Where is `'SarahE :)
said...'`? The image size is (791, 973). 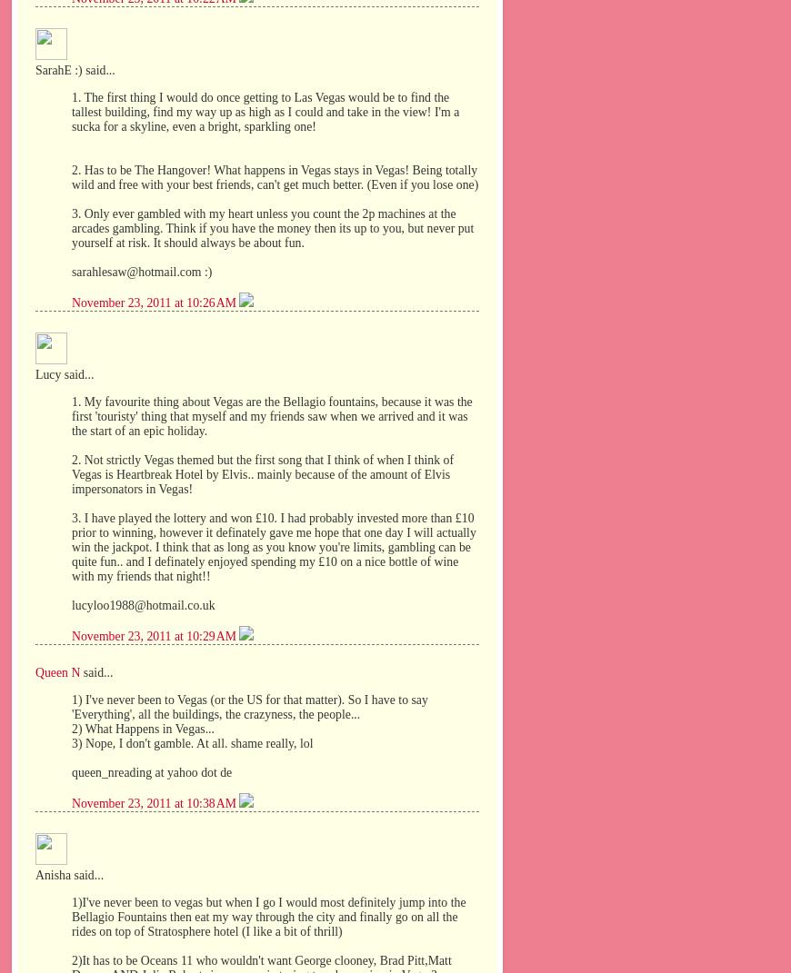
'SarahE :)
said...' is located at coordinates (34, 69).